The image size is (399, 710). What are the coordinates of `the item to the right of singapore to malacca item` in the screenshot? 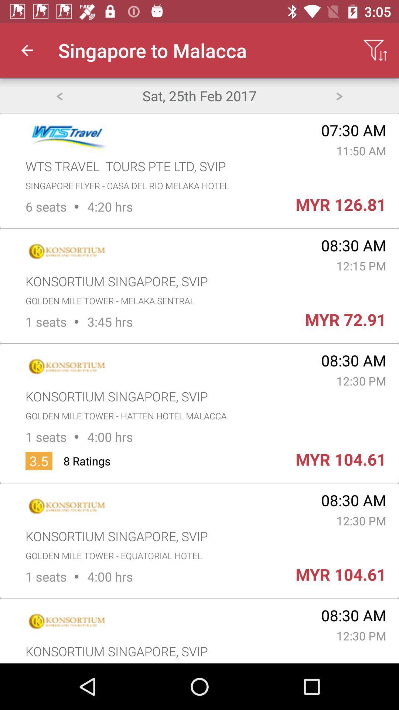 It's located at (375, 50).